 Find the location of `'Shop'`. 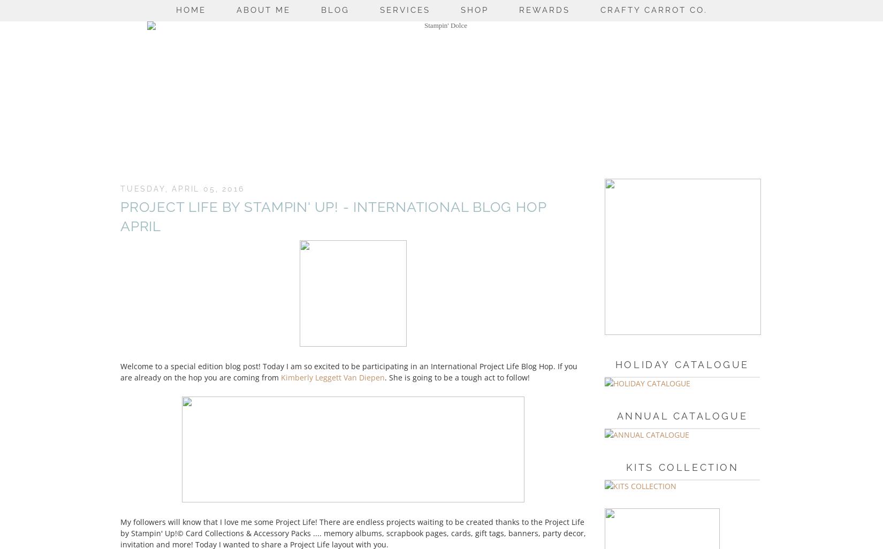

'Shop' is located at coordinates (474, 10).